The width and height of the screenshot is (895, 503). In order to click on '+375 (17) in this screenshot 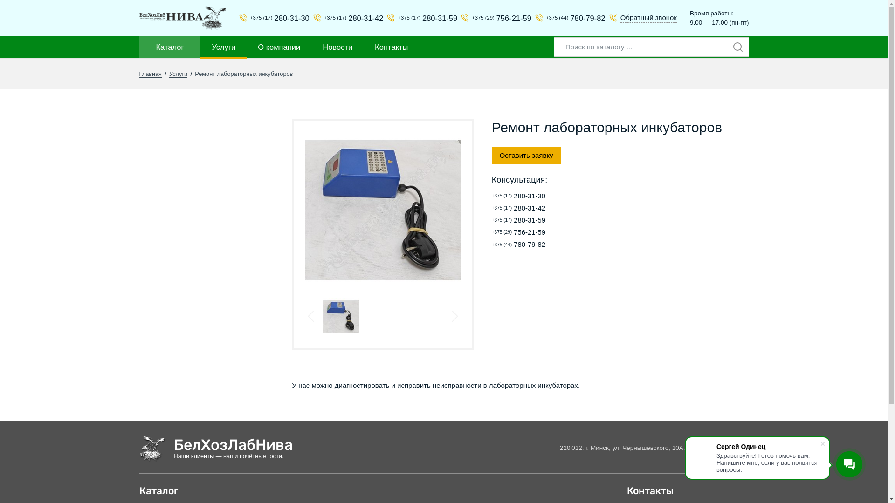, I will do `click(313, 18)`.